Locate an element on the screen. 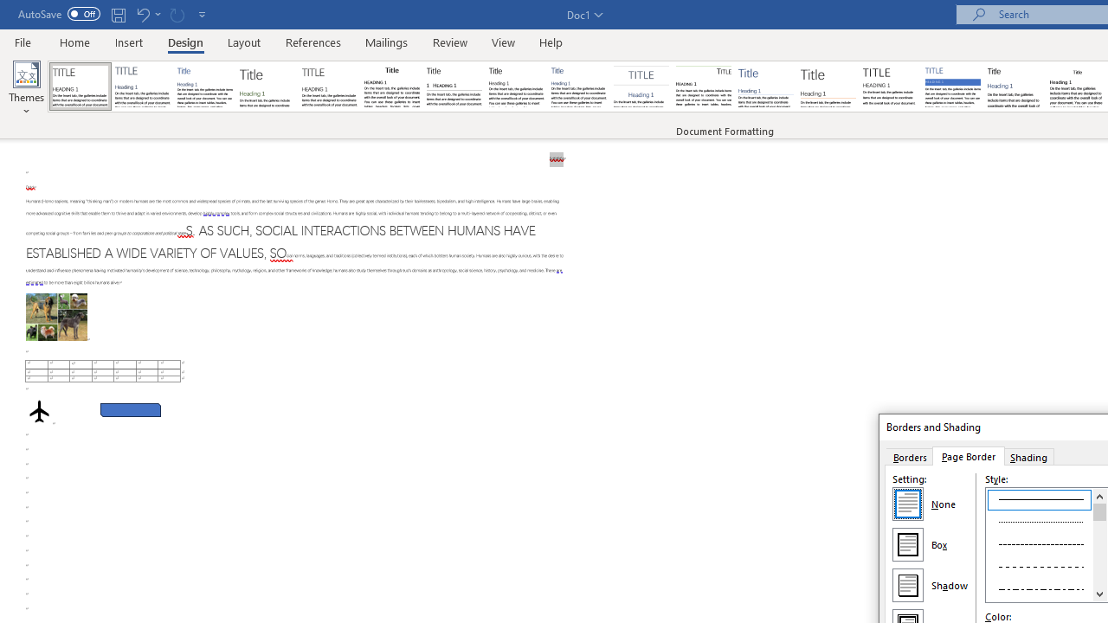  'Lines (Distinctive)' is located at coordinates (703, 87).